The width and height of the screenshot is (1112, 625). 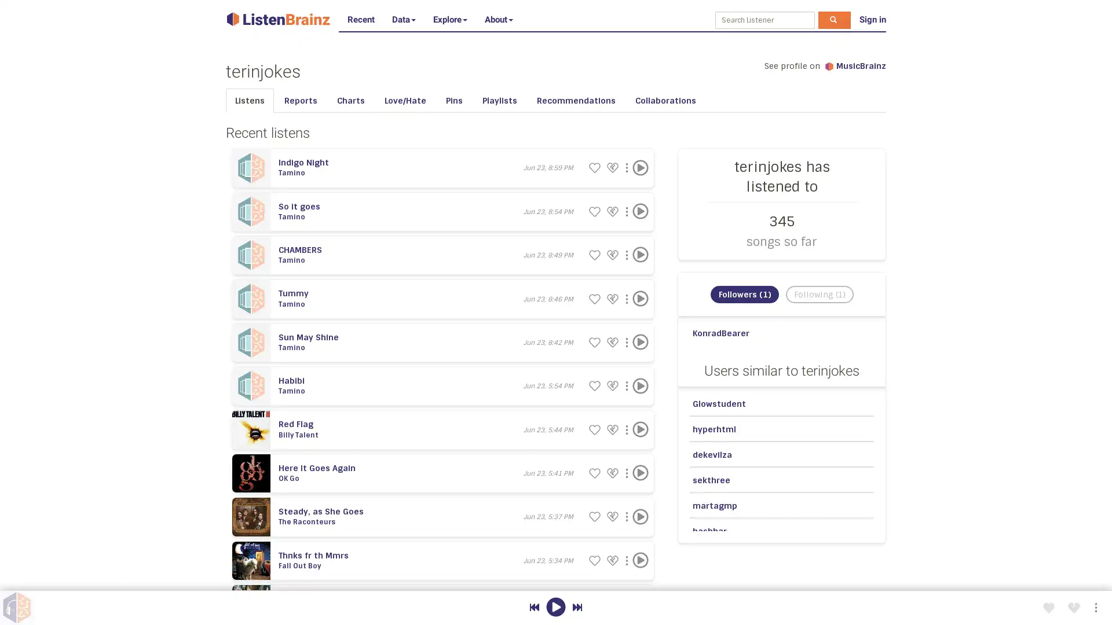 What do you see at coordinates (639, 386) in the screenshot?
I see `Play` at bounding box center [639, 386].